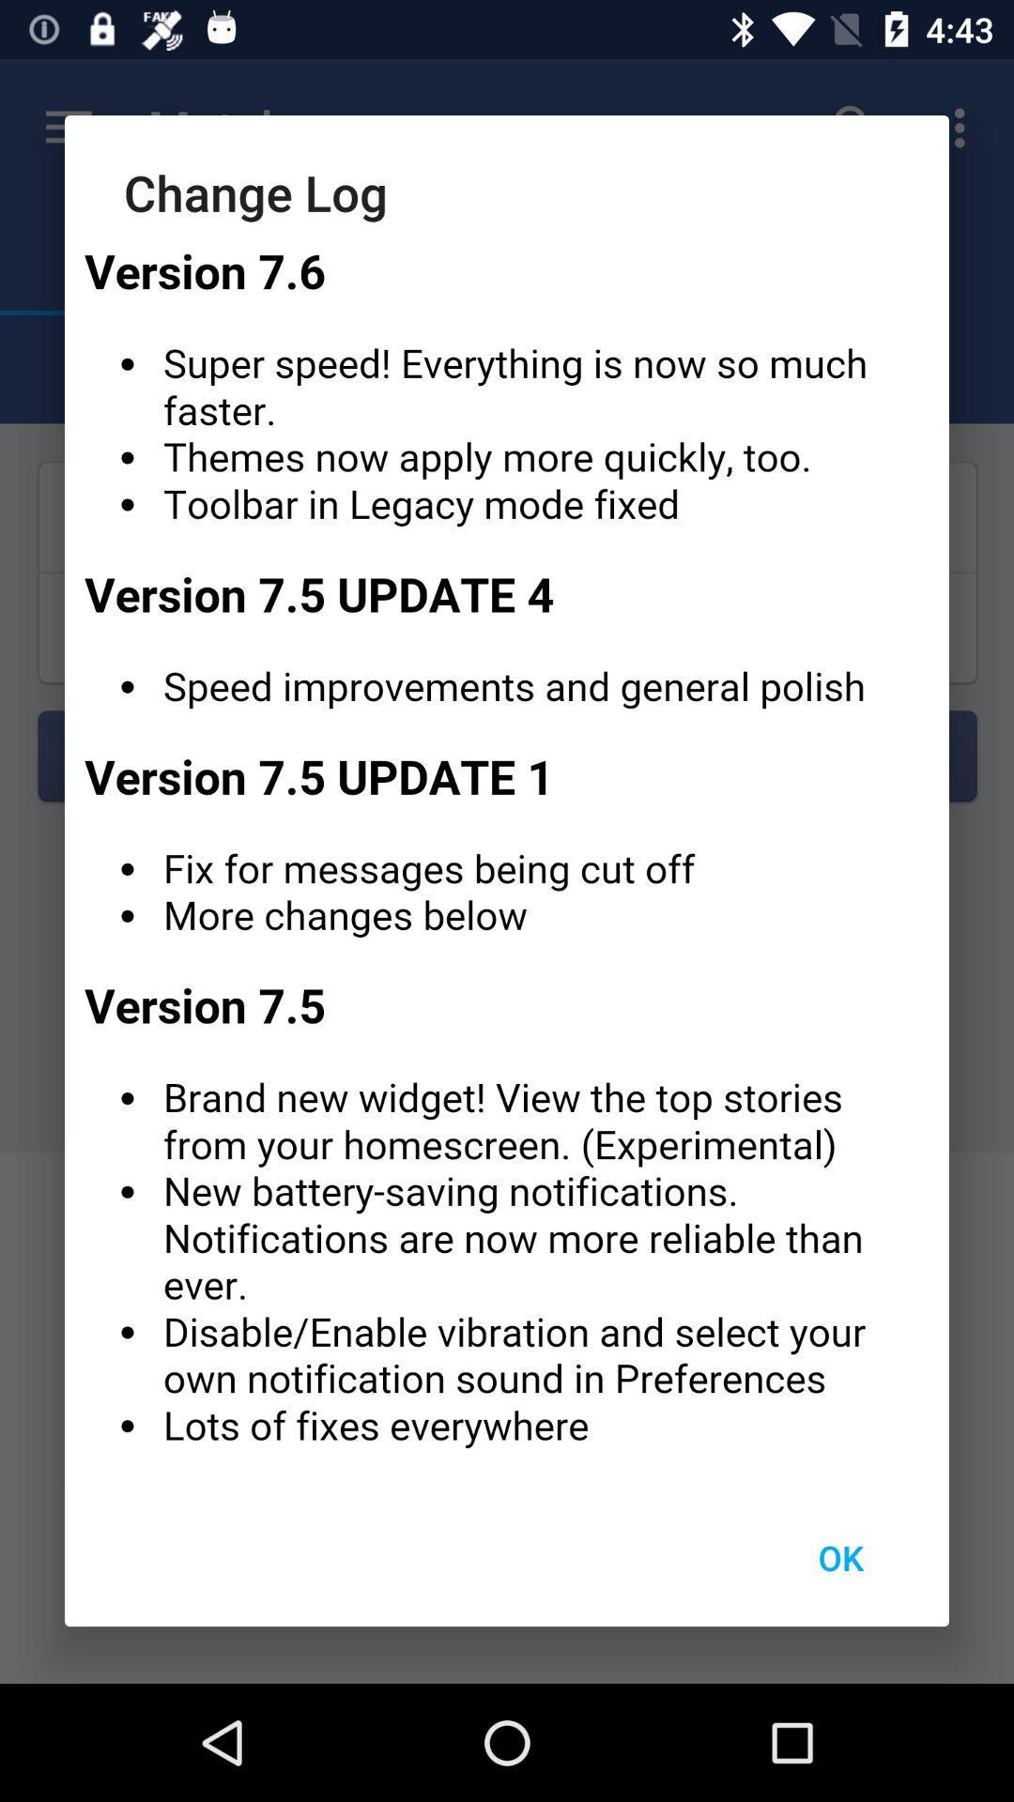 The image size is (1014, 1802). Describe the element at coordinates (507, 856) in the screenshot. I see `specify one descriptive` at that location.